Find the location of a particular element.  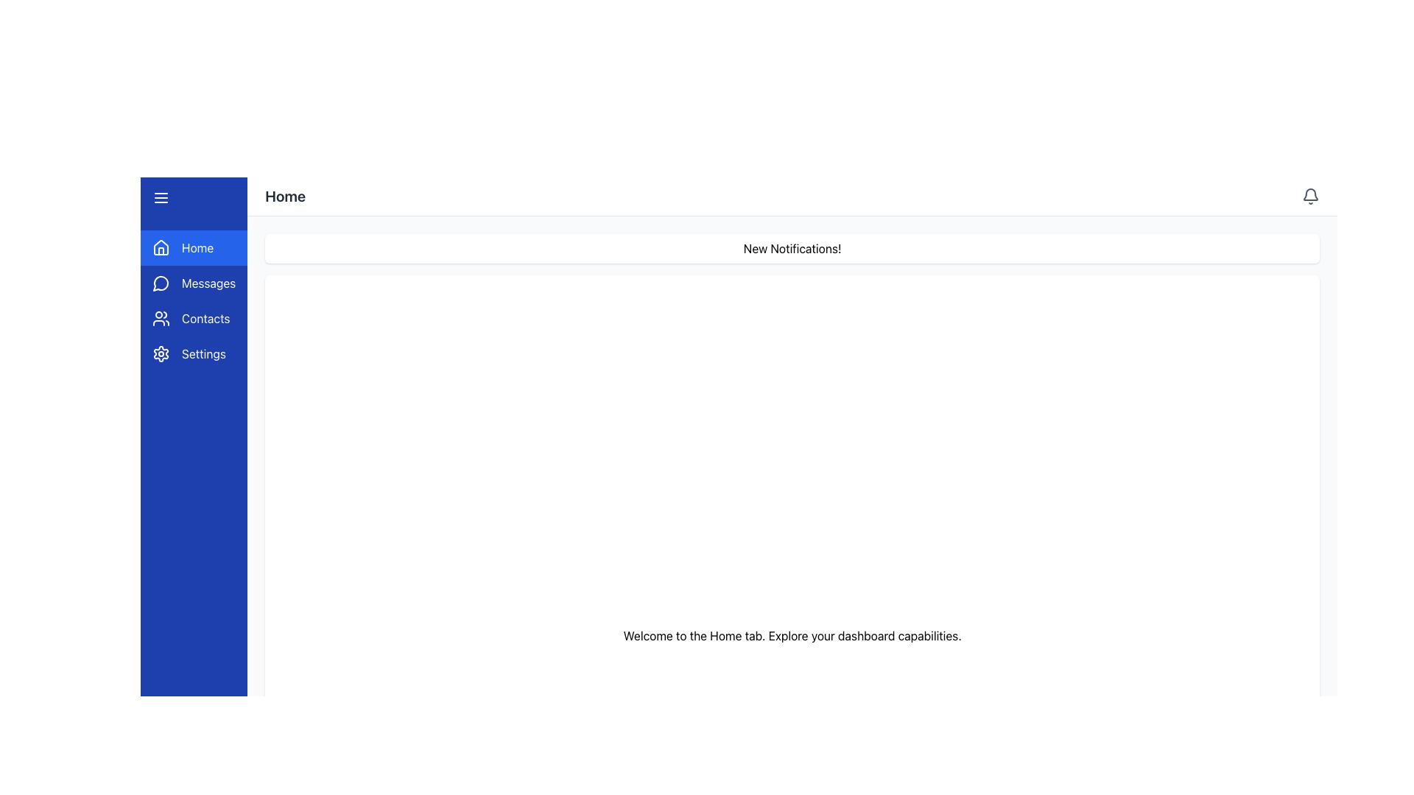

the hamburger menu icon located in the top section of the left vertical blue sidebar is located at coordinates (161, 197).